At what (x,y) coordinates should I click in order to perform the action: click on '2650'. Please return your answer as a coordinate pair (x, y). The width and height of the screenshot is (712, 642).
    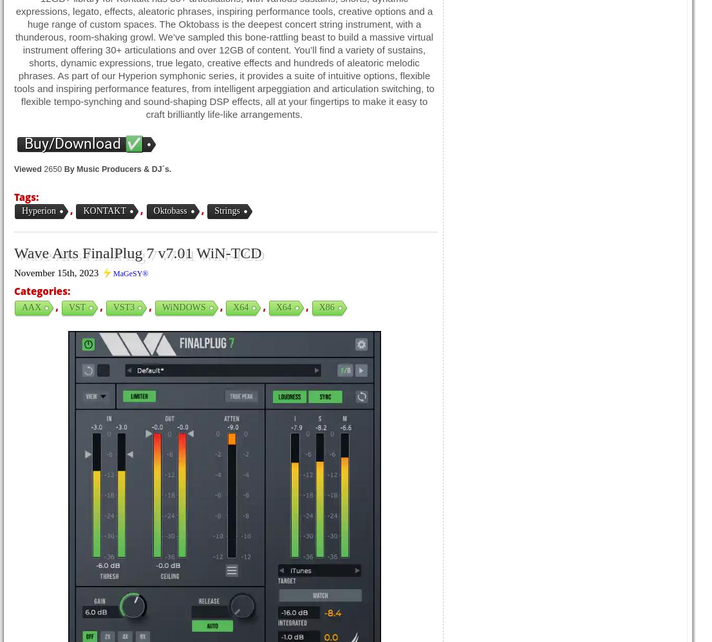
    Looking at the image, I should click on (52, 169).